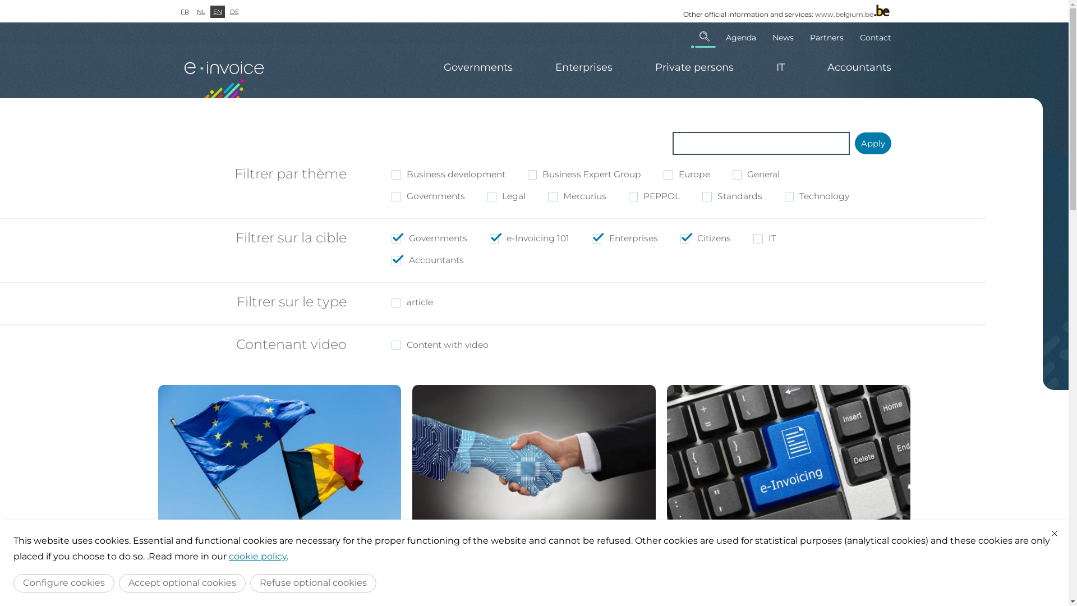  I want to click on 'Configure cookies', so click(63, 582).